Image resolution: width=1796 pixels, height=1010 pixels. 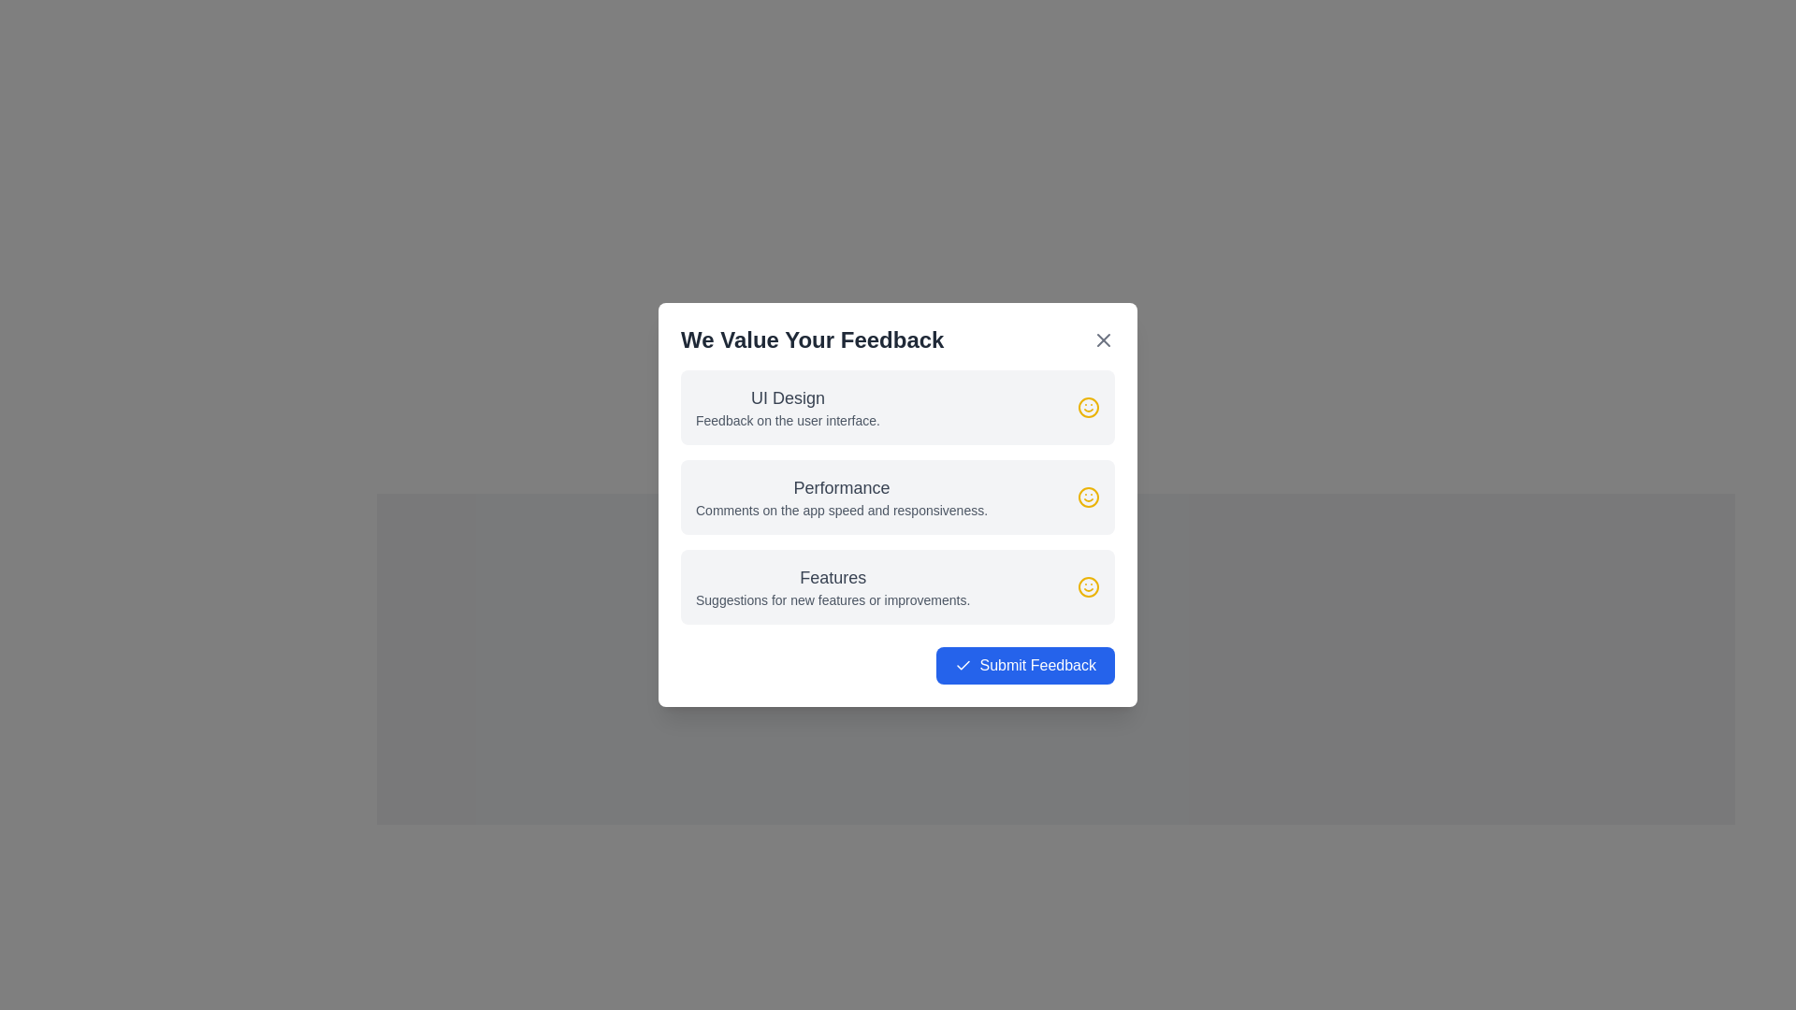 What do you see at coordinates (898, 406) in the screenshot?
I see `the first selectable list item labeled 'UI Design'` at bounding box center [898, 406].